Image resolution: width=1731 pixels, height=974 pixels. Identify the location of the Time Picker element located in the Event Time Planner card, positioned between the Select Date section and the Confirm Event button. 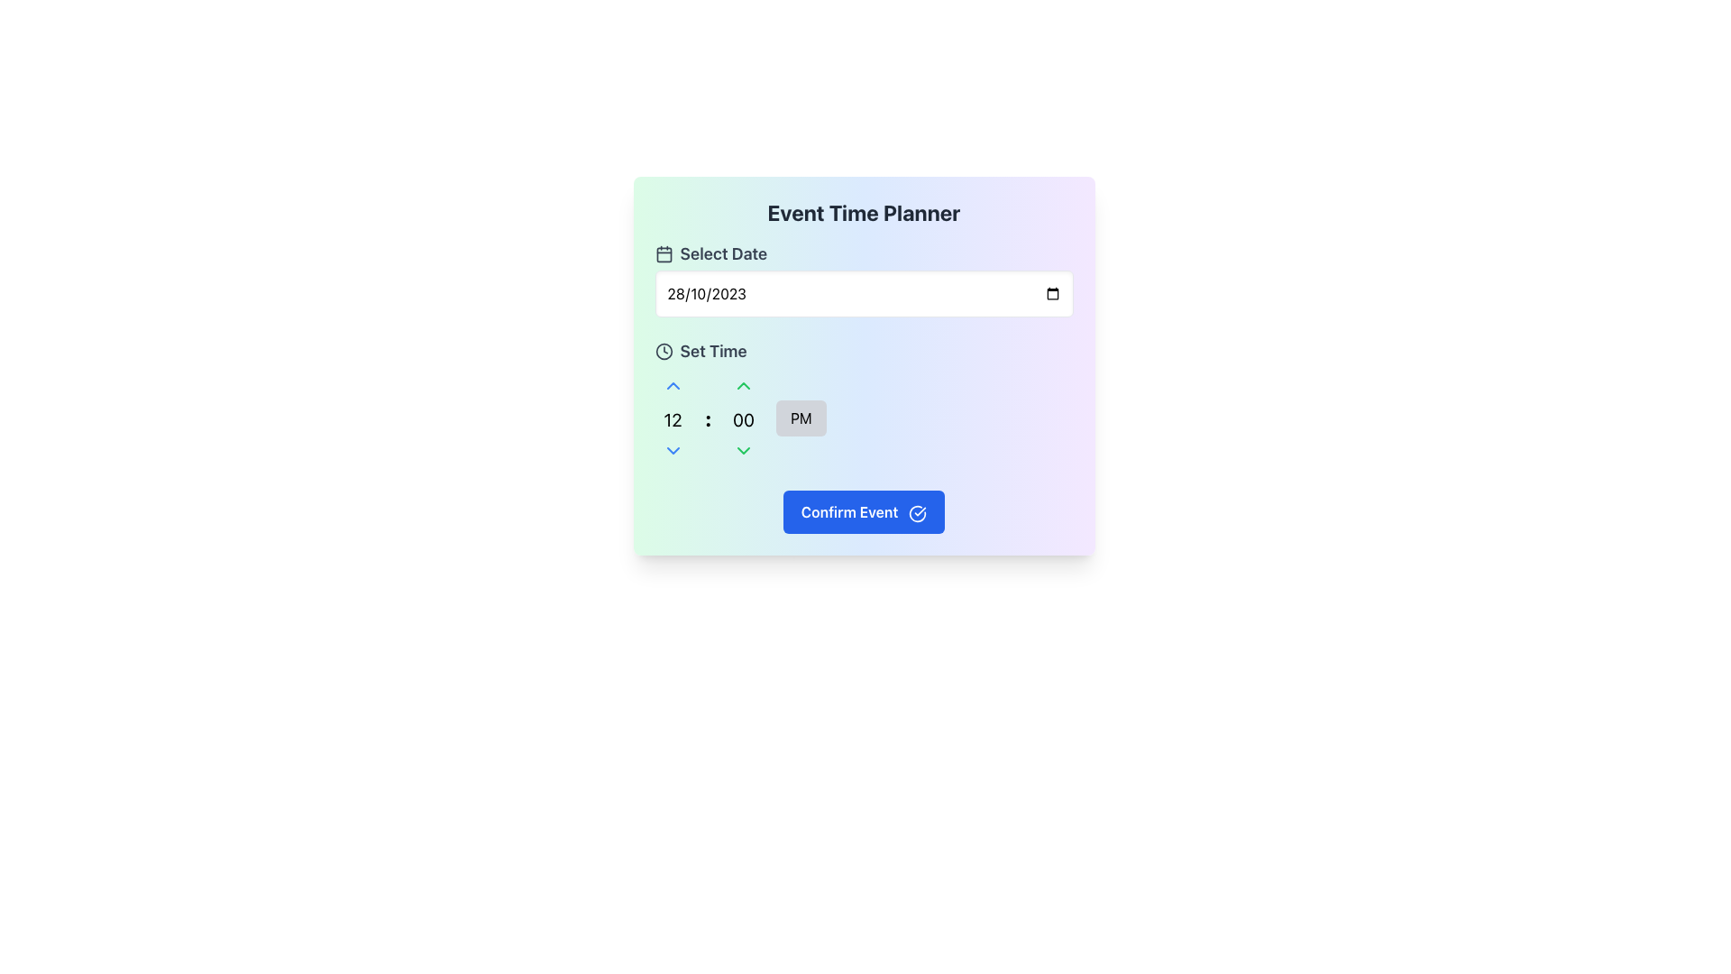
(863, 402).